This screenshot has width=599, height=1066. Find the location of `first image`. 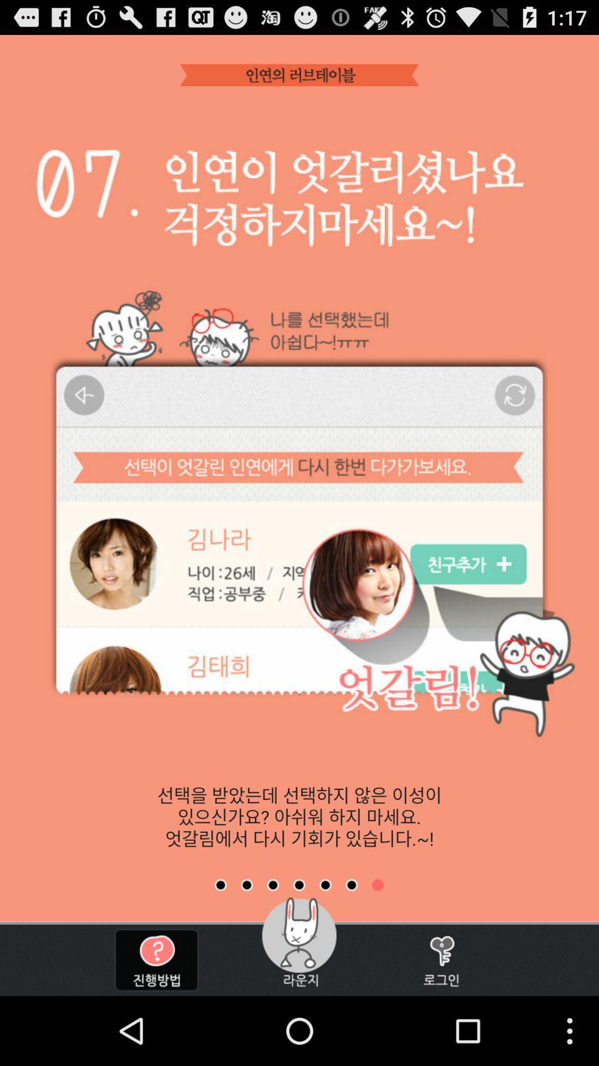

first image is located at coordinates (220, 884).